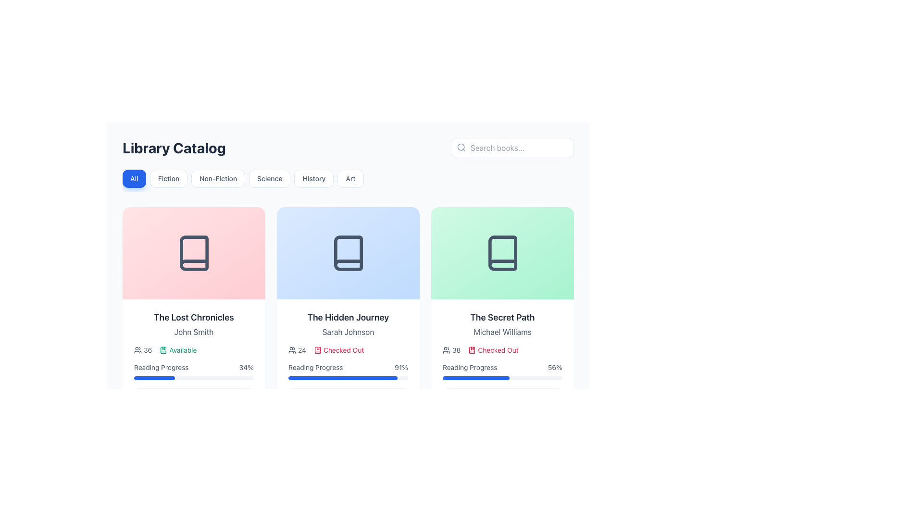  Describe the element at coordinates (193, 371) in the screenshot. I see `the progress bar indicating the reading progress of the book 'The Lost Chronicles', which displays '34%'` at that location.